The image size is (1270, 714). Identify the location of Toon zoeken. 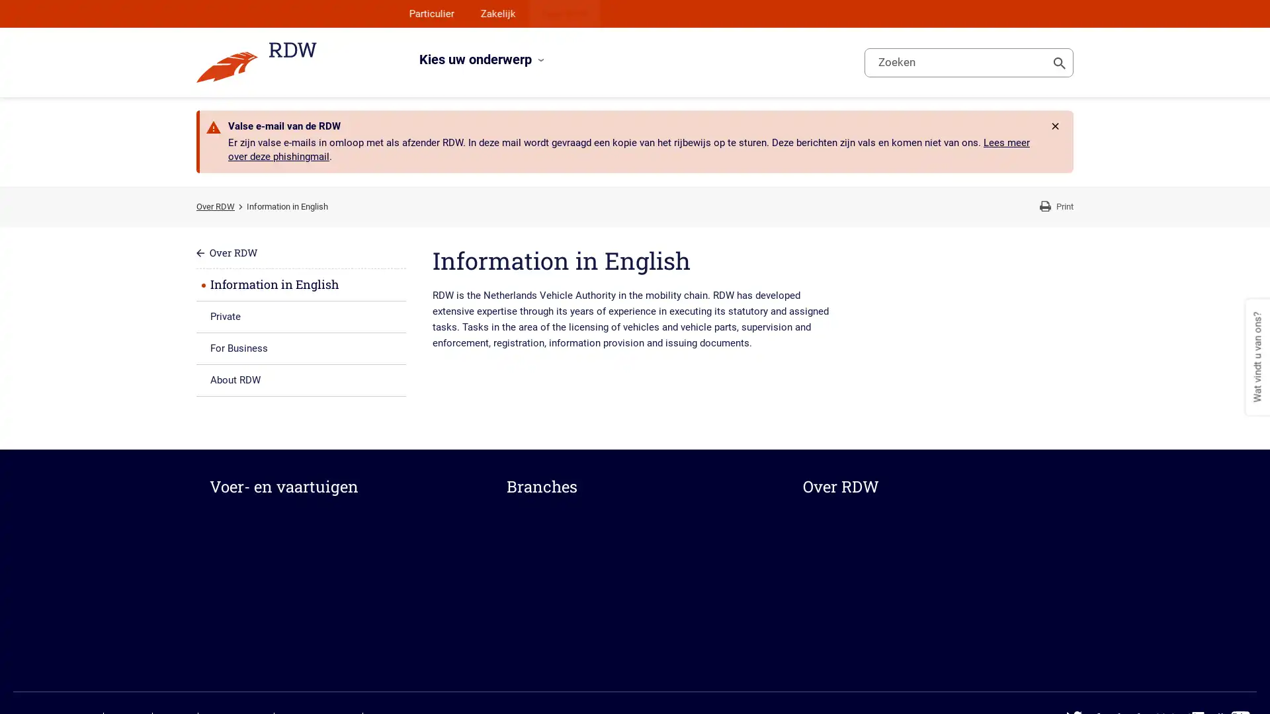
(1059, 63).